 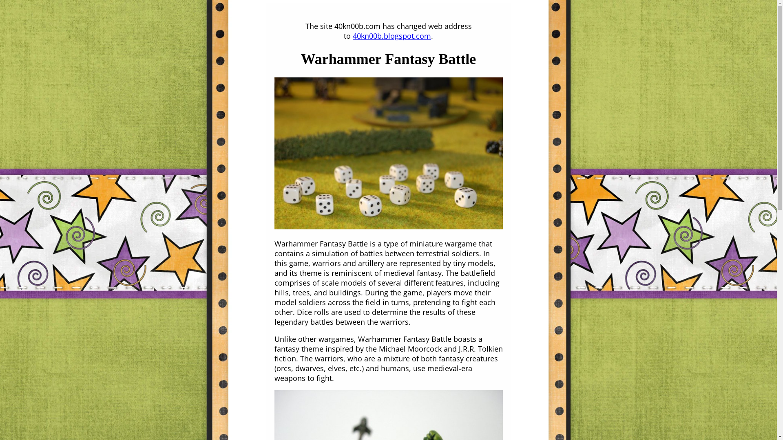 What do you see at coordinates (352, 35) in the screenshot?
I see `'40kn00b.blogspot.com'` at bounding box center [352, 35].